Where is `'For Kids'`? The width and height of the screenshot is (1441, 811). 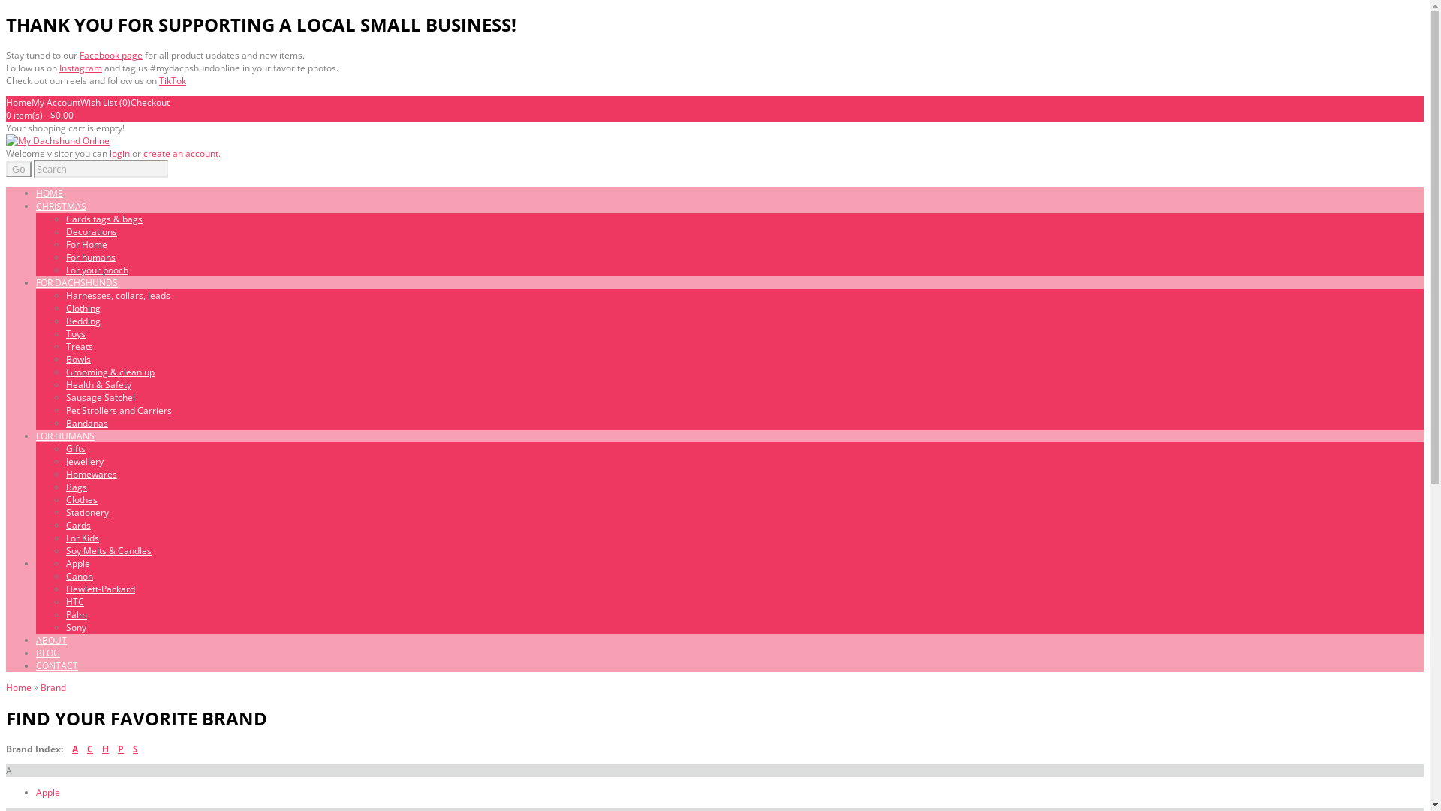 'For Kids' is located at coordinates (82, 537).